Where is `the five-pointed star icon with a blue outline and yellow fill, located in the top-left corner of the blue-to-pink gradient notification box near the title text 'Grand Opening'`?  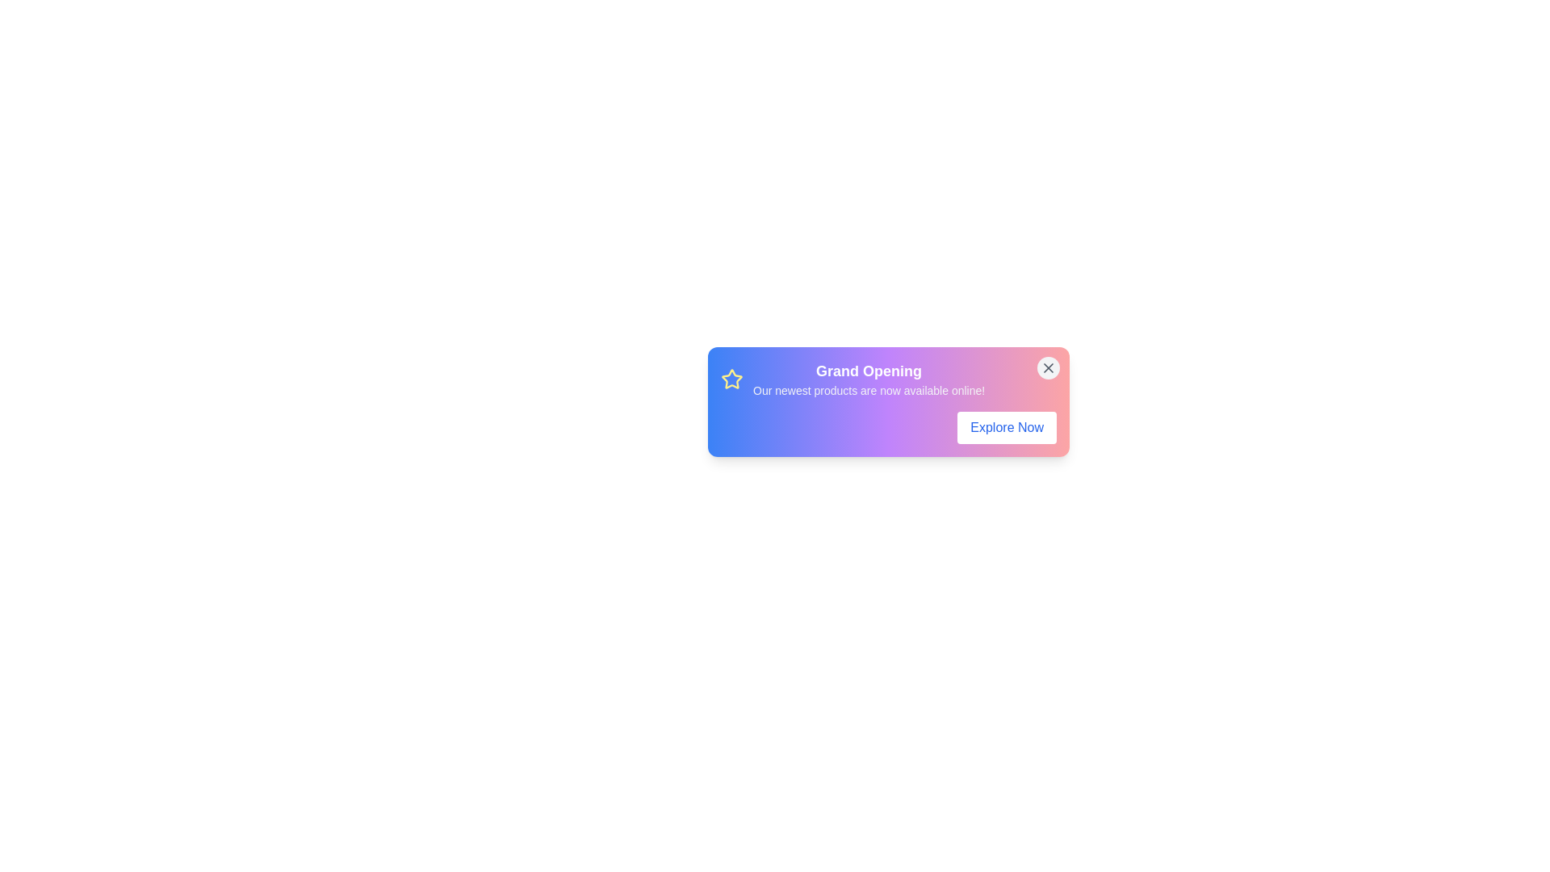
the five-pointed star icon with a blue outline and yellow fill, located in the top-left corner of the blue-to-pink gradient notification box near the title text 'Grand Opening' is located at coordinates (731, 379).